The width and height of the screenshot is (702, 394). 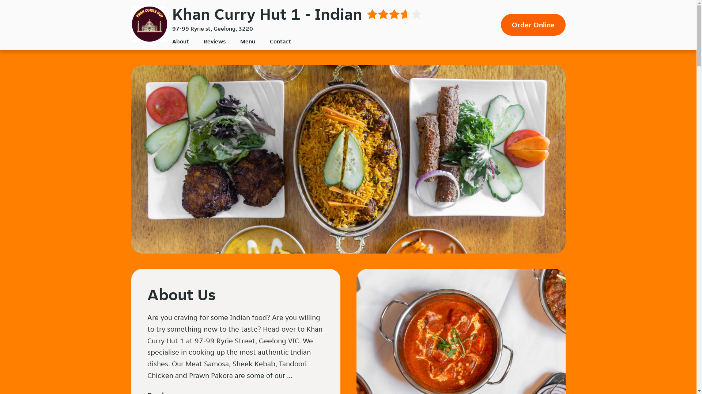 I want to click on 'About', so click(x=180, y=41).